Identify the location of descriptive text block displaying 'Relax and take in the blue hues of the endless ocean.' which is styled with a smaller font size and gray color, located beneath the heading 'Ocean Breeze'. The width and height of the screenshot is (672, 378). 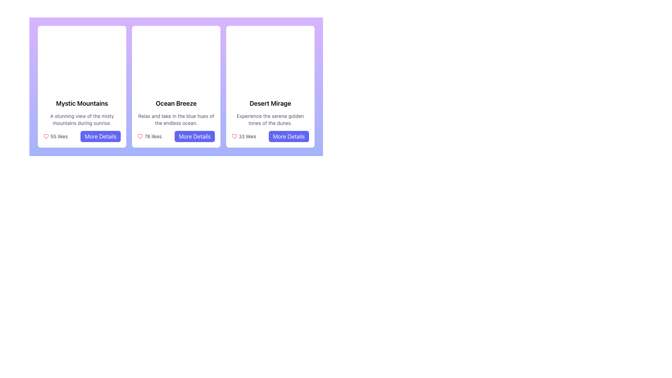
(176, 119).